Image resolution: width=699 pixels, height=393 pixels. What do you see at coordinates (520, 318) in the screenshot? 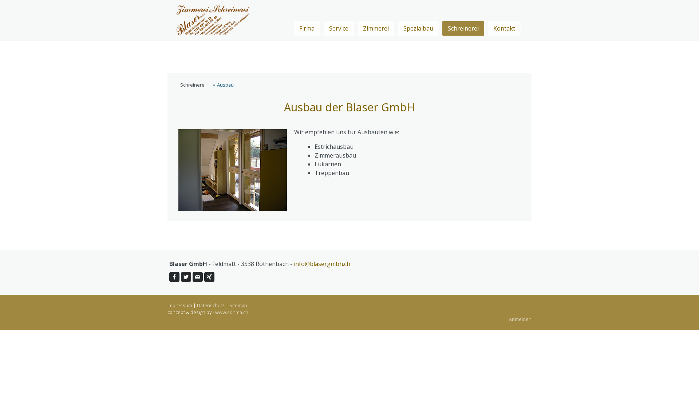
I see `'Anmelden'` at bounding box center [520, 318].